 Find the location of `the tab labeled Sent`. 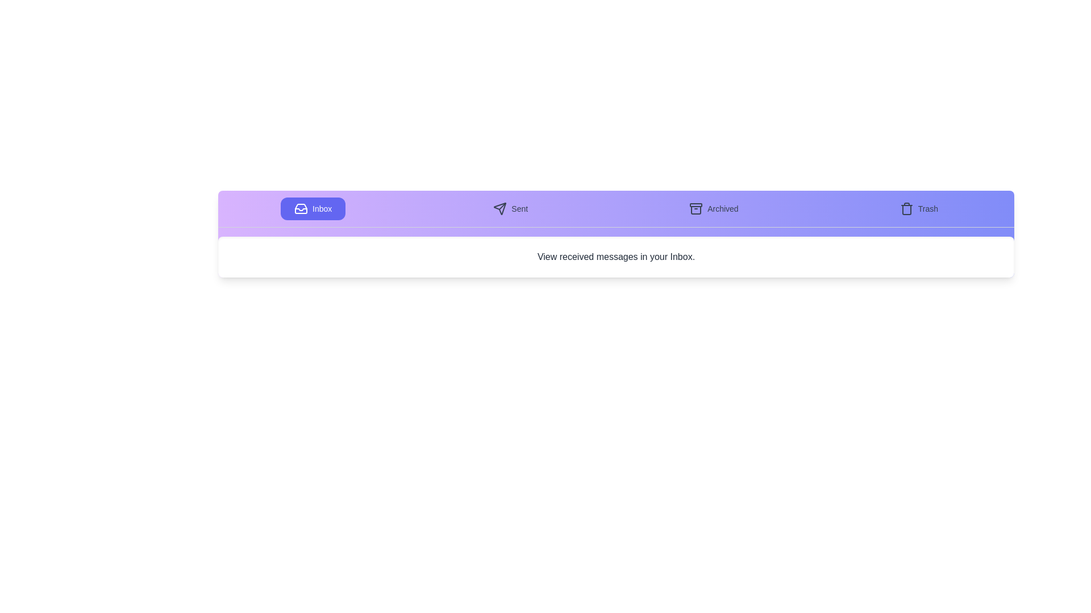

the tab labeled Sent is located at coordinates (510, 208).